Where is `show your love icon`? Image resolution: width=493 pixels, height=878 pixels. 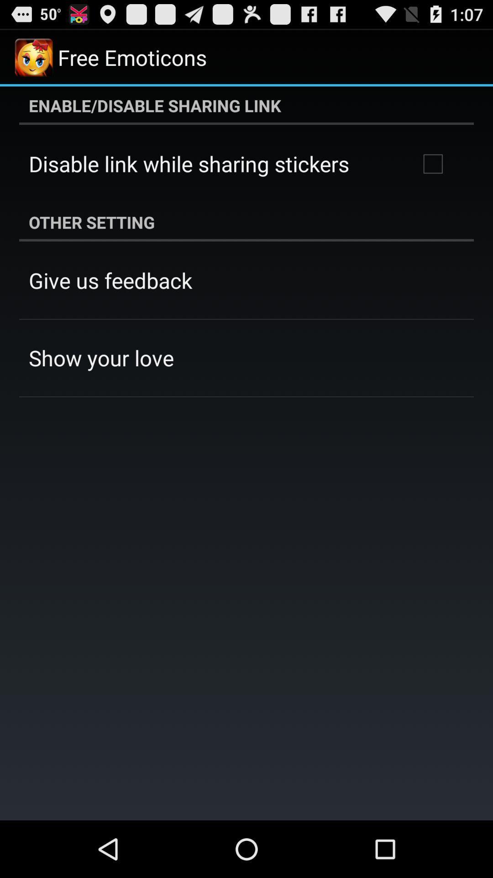 show your love icon is located at coordinates (101, 357).